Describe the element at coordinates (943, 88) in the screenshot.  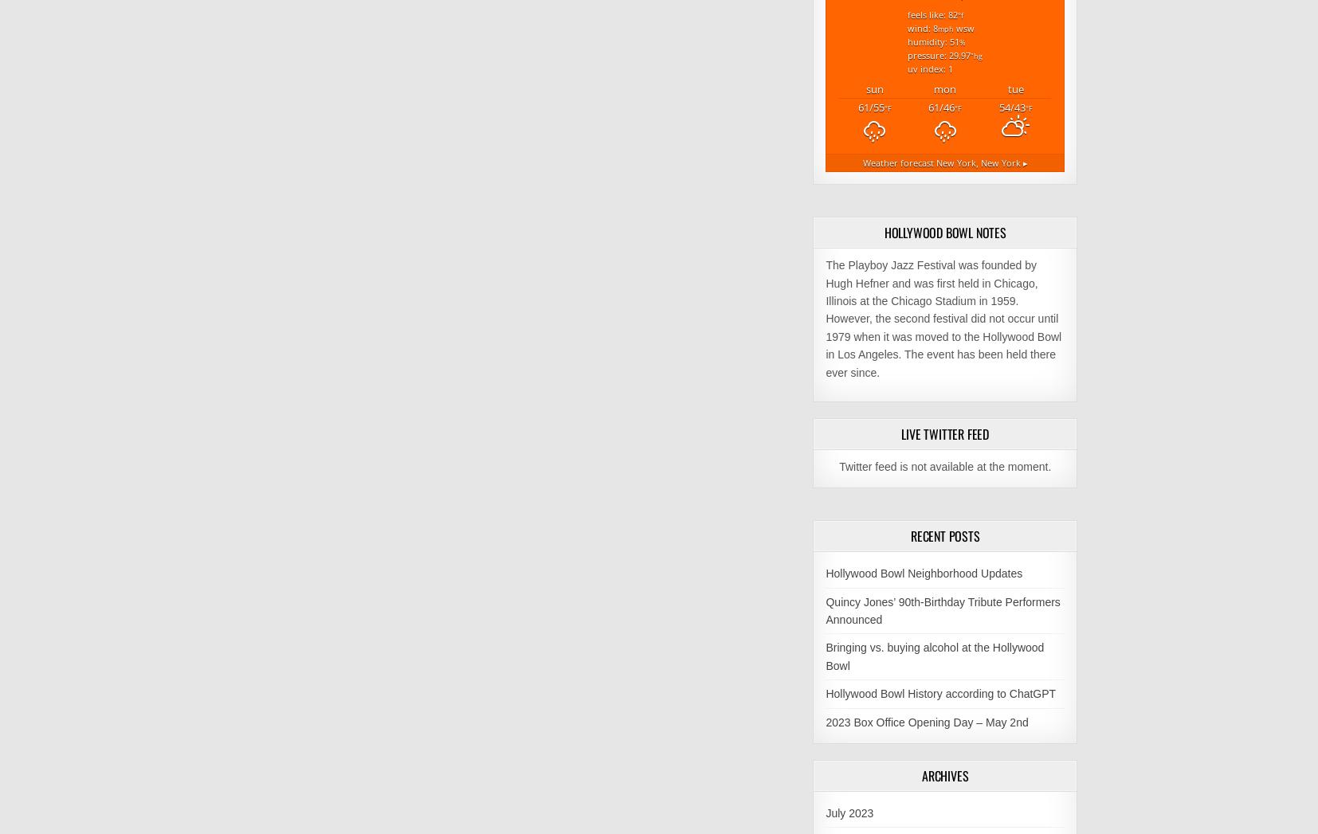
I see `'Mon'` at that location.